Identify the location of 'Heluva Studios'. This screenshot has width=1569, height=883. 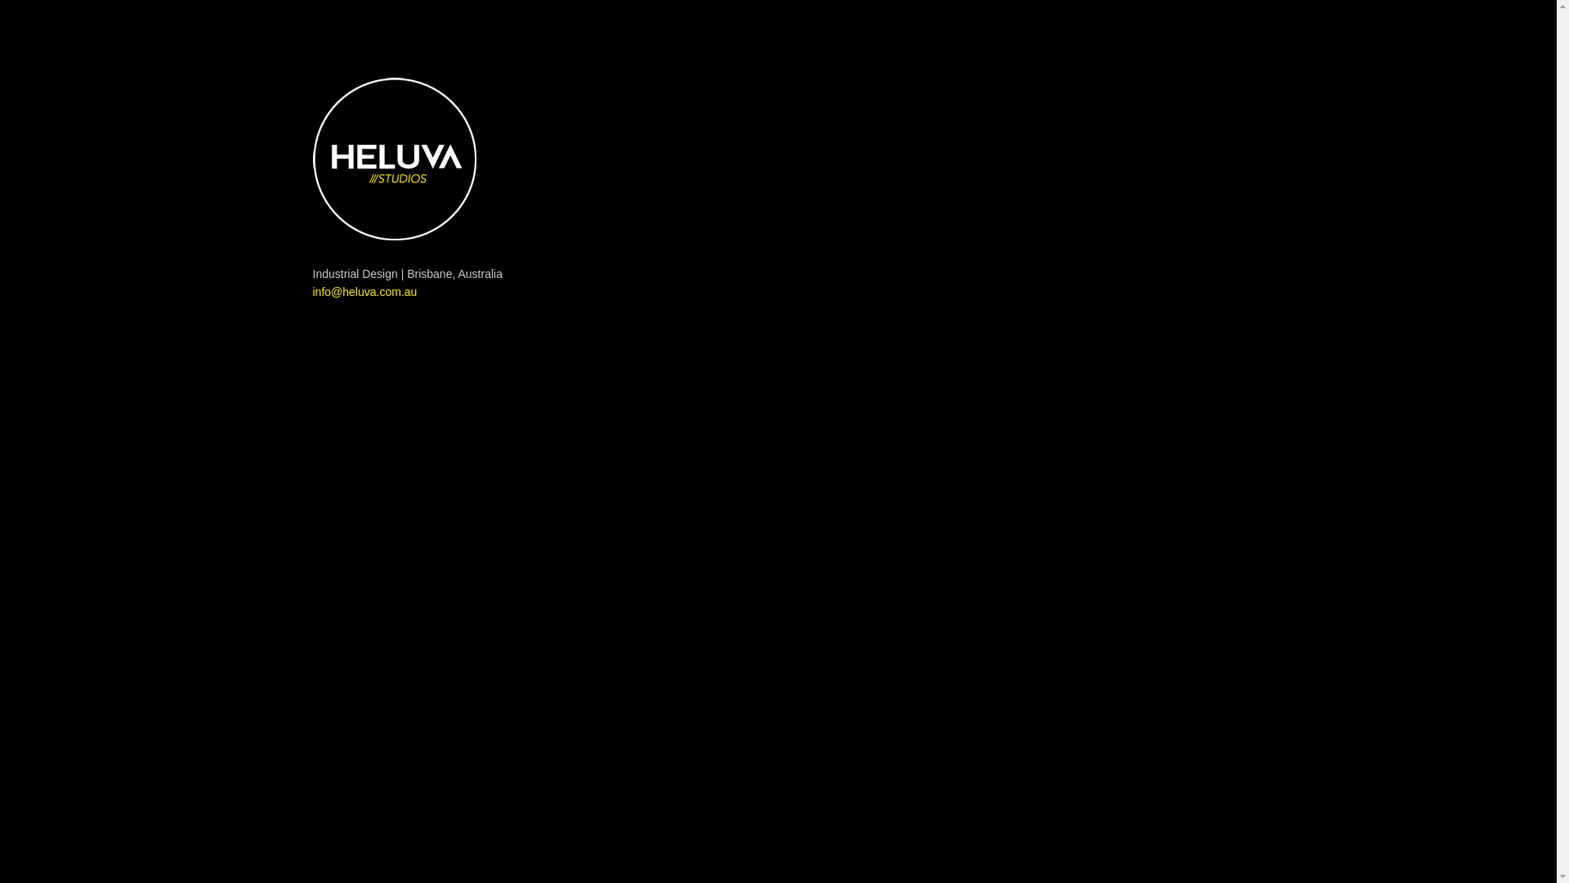
(393, 159).